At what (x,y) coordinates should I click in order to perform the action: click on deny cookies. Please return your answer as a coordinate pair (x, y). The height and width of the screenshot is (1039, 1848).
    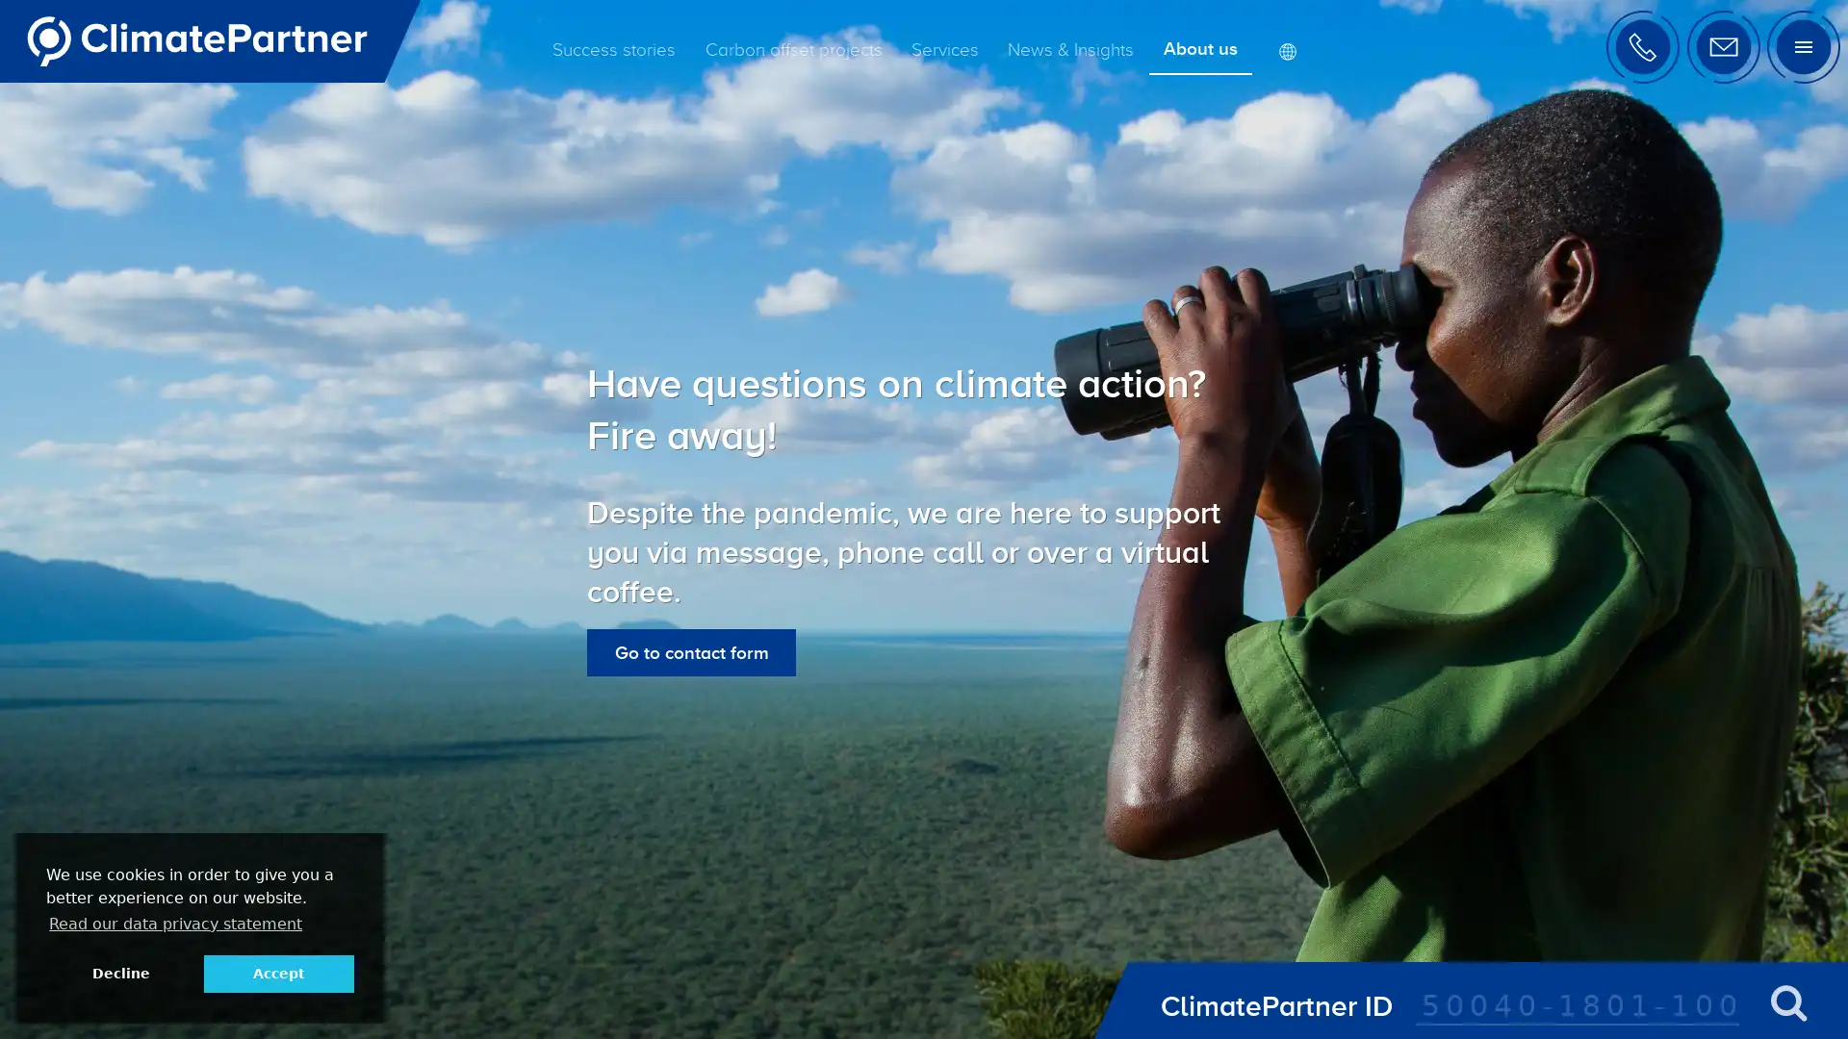
    Looking at the image, I should click on (119, 973).